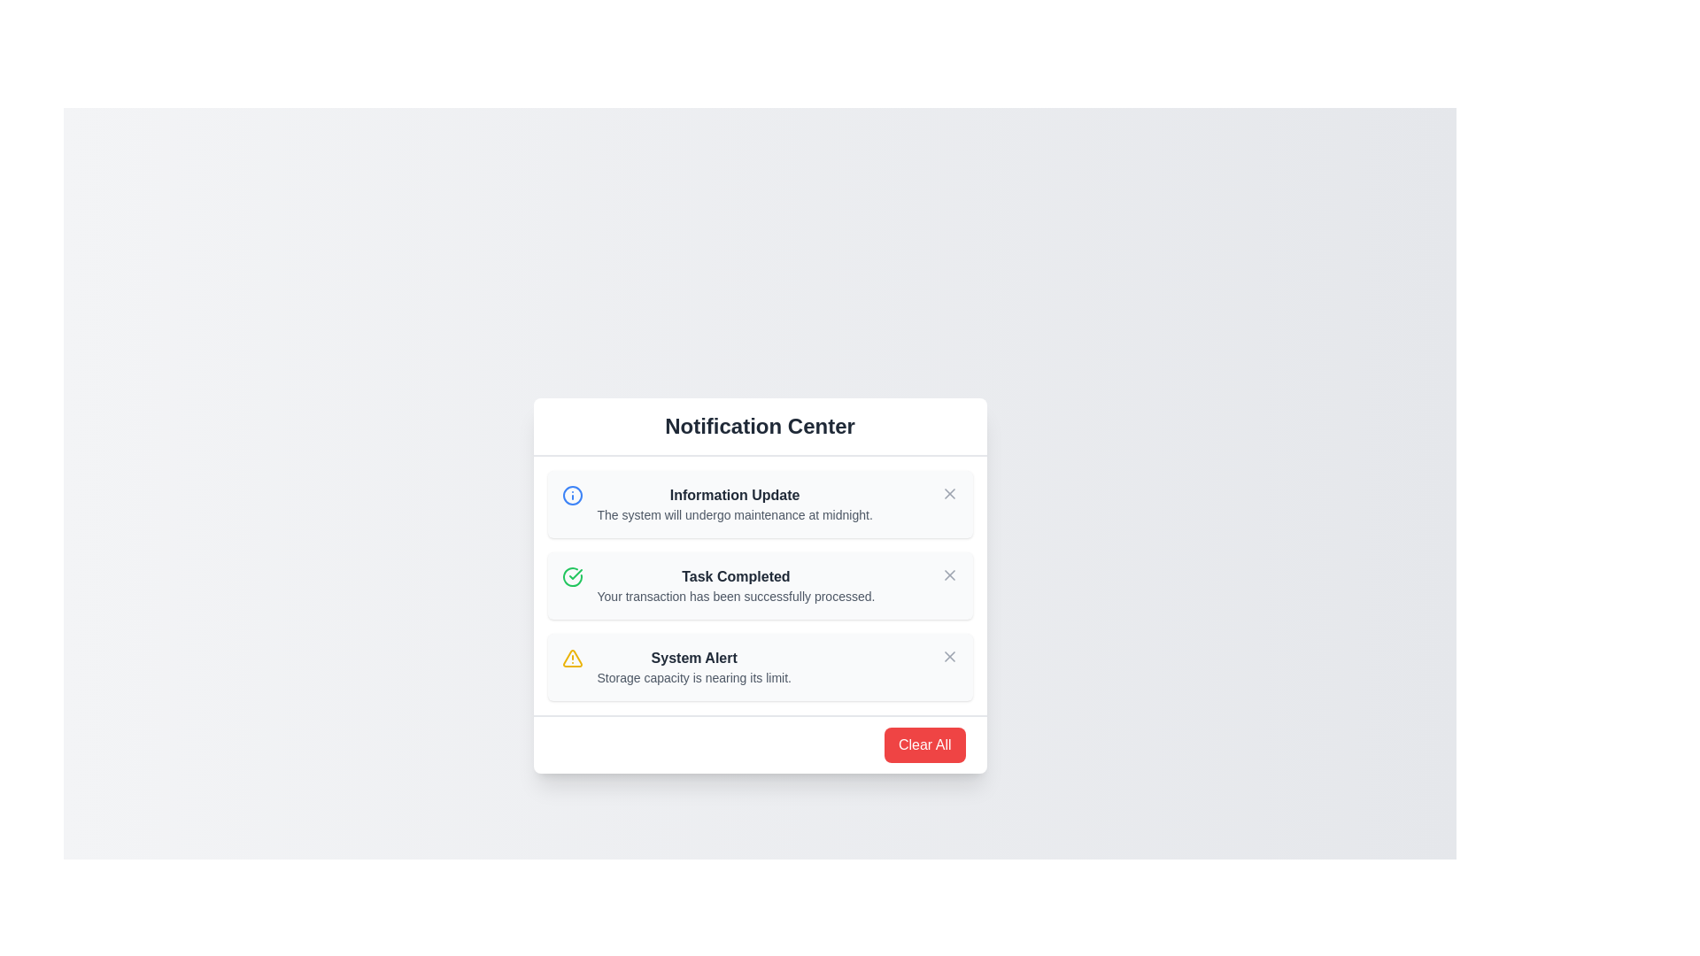  Describe the element at coordinates (760, 586) in the screenshot. I see `an individual notification within the Notification Center, which is a white modal box containing three vertically arranged alerts` at that location.